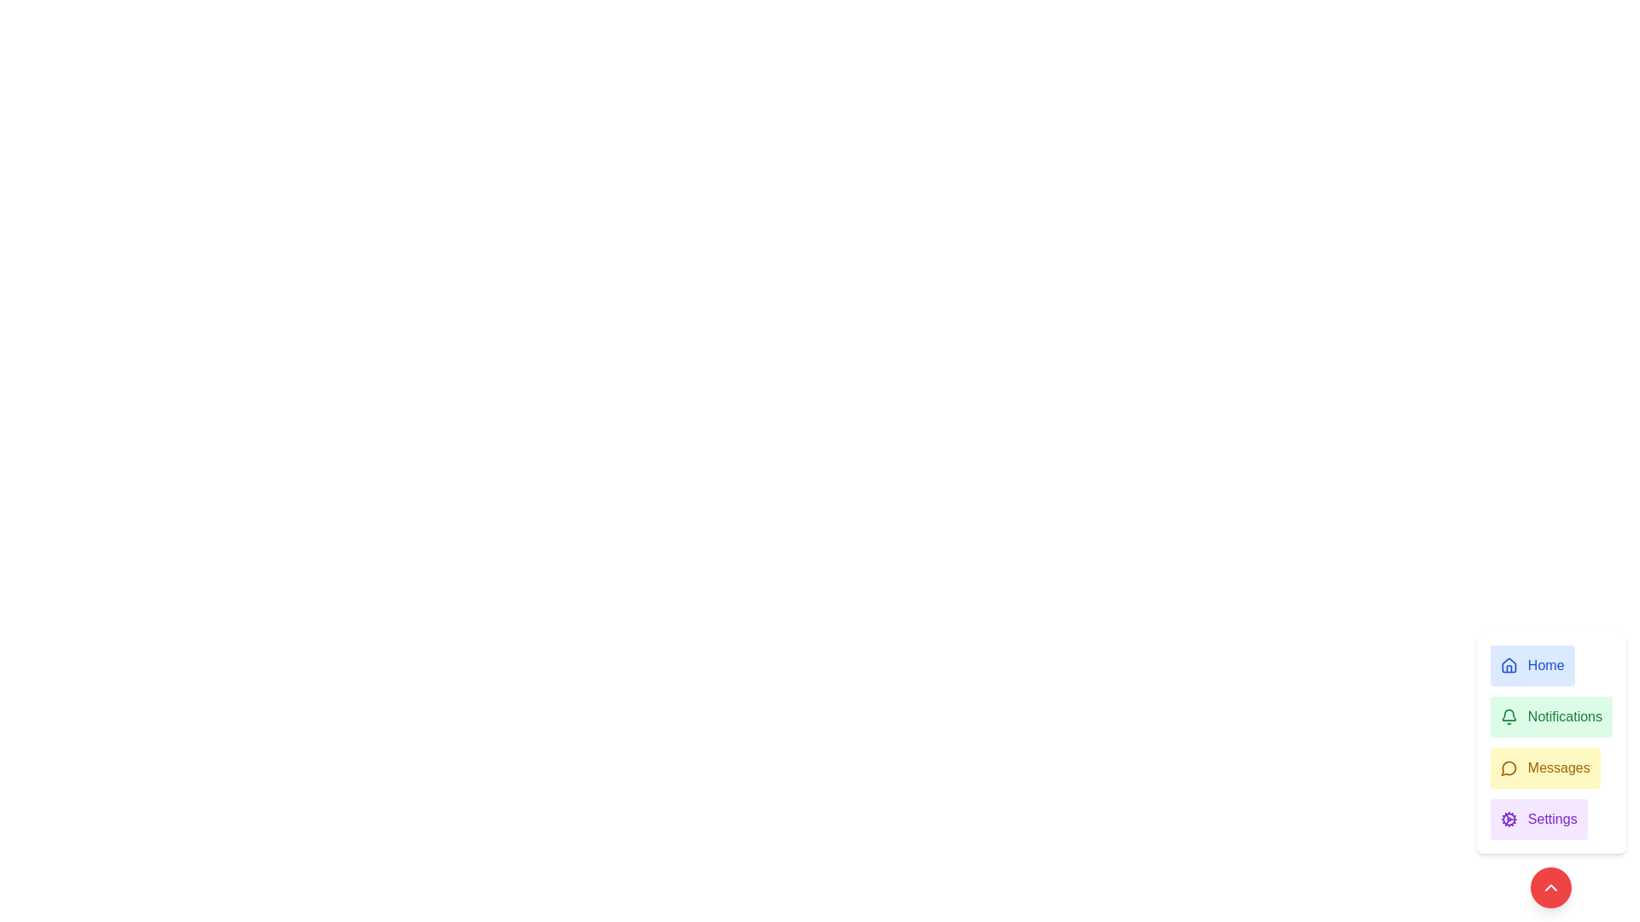  Describe the element at coordinates (1551, 742) in the screenshot. I see `the Menu Bar, which is a rectangular section with a white background and contains buttons labeled 'Home', 'Notifications', 'Messages', and 'Settings'` at that location.